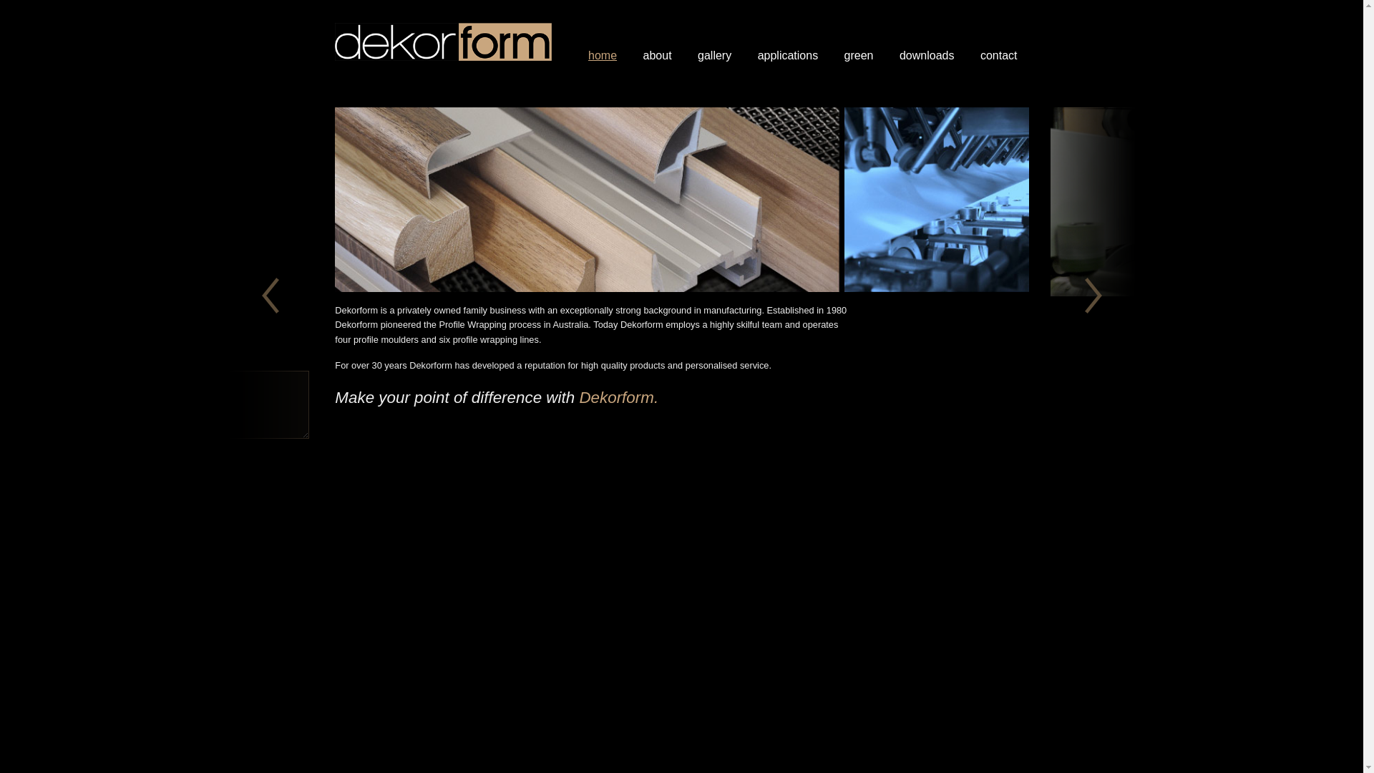 The height and width of the screenshot is (773, 1374). What do you see at coordinates (602, 41) in the screenshot?
I see `'home'` at bounding box center [602, 41].